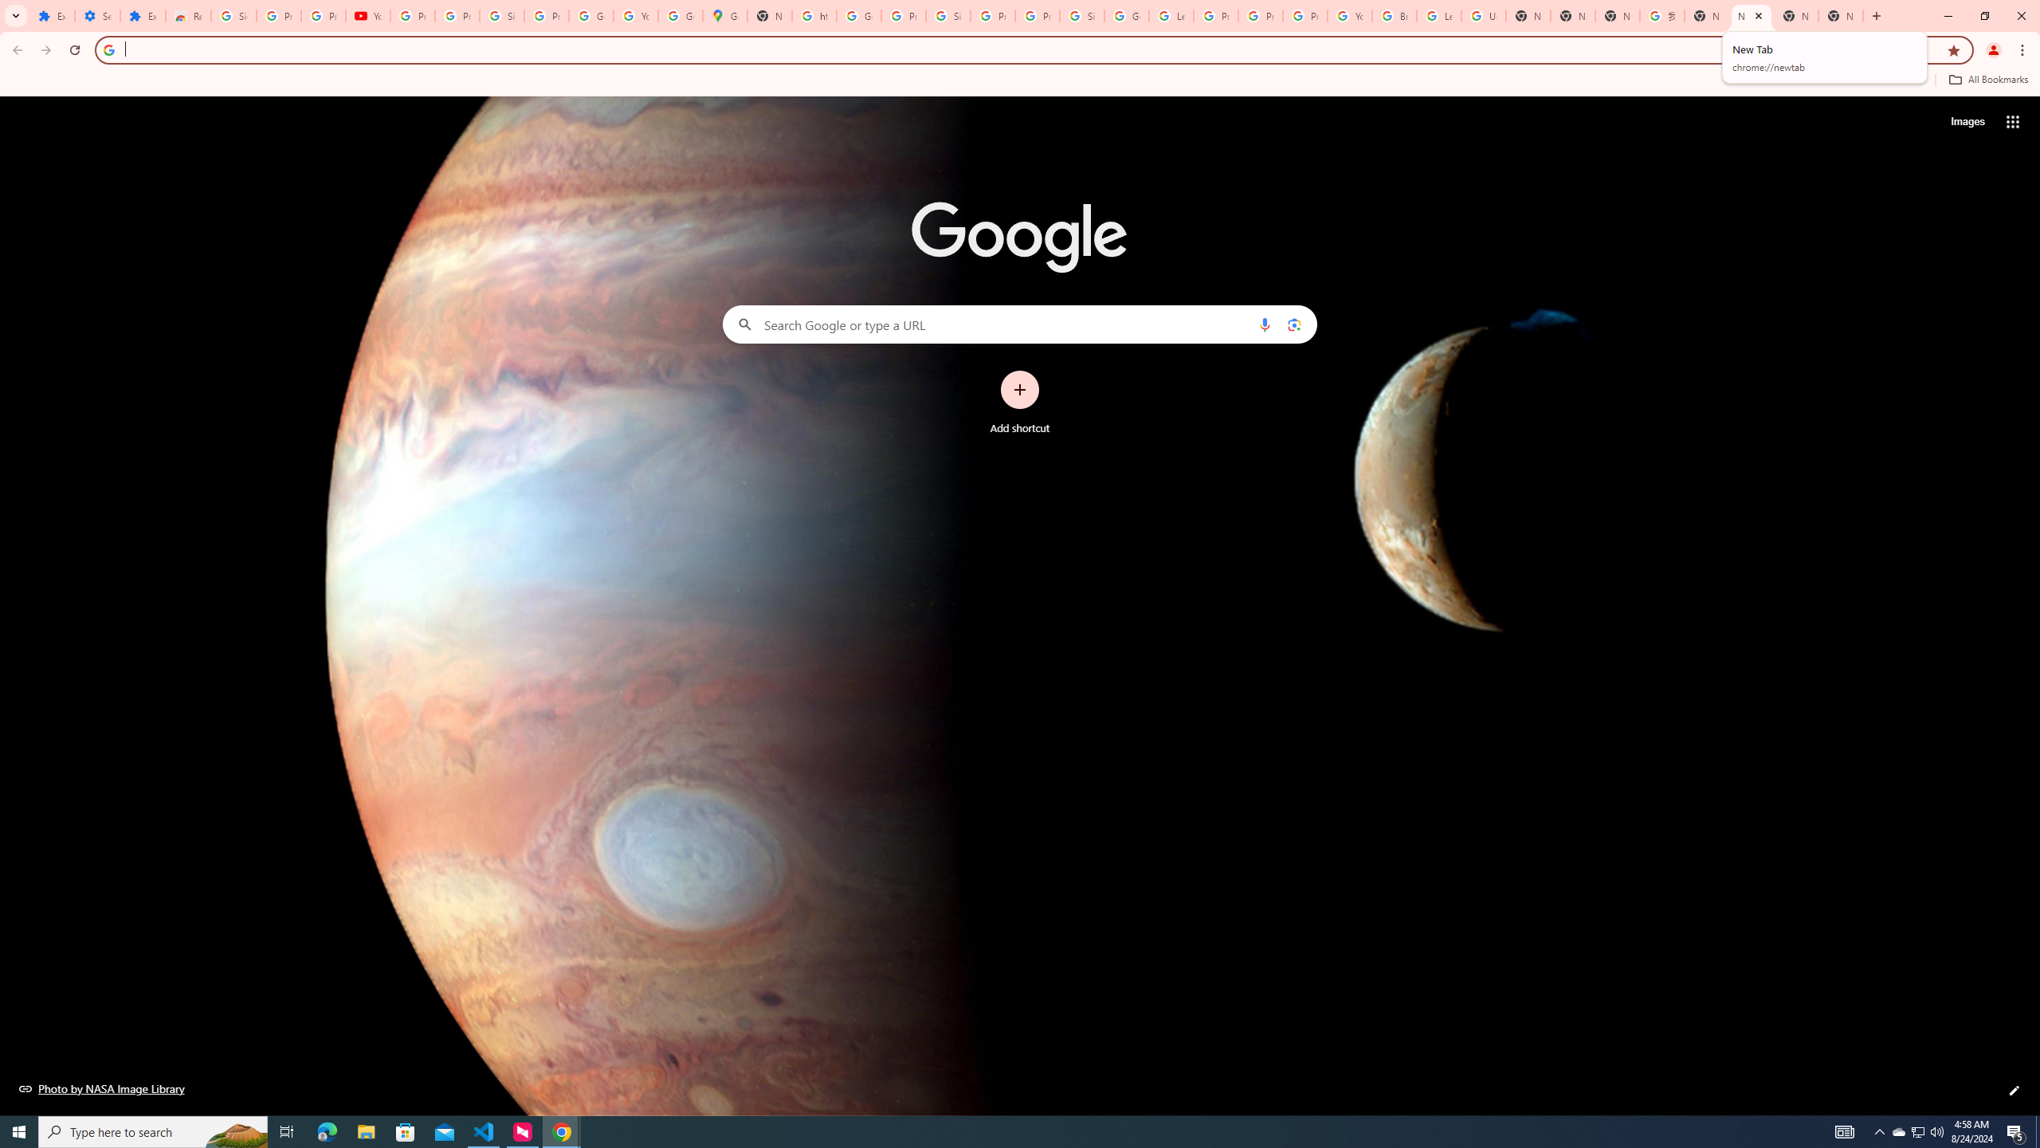 This screenshot has height=1148, width=2040. Describe the element at coordinates (143, 15) in the screenshot. I see `'Extensions'` at that location.